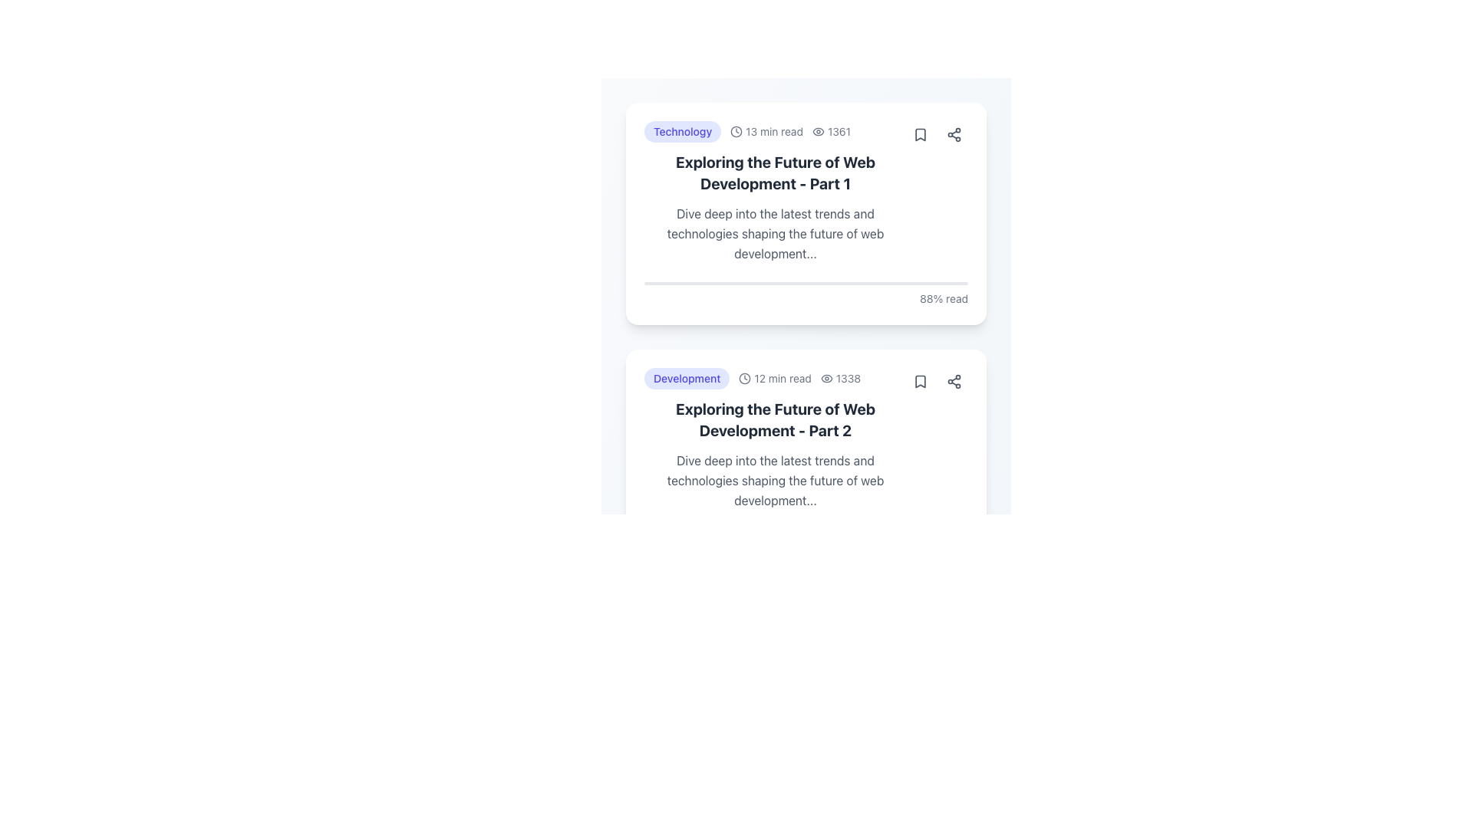 This screenshot has width=1473, height=828. I want to click on the minimalist bookmark icon located in the top-right corner of the second card, so click(921, 380).